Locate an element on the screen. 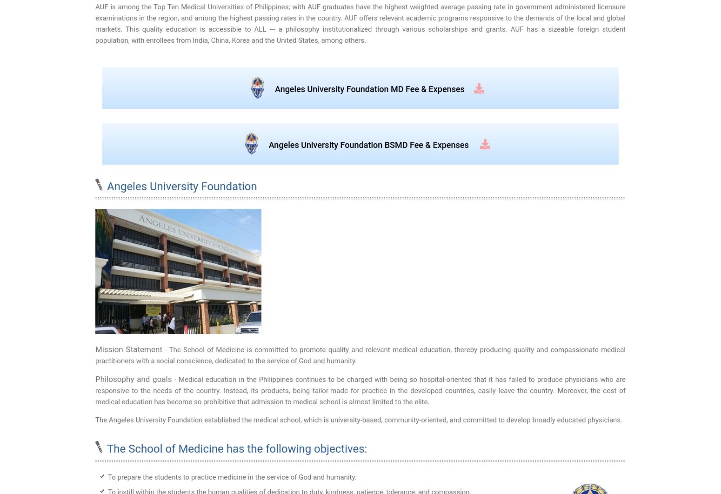 This screenshot has width=721, height=494. 'The School of Medicine has the following objectives:' is located at coordinates (236, 448).